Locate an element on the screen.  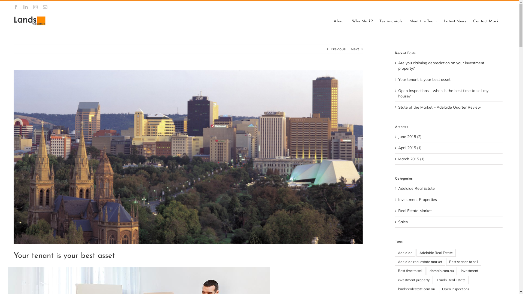
'investment property' is located at coordinates (414, 280).